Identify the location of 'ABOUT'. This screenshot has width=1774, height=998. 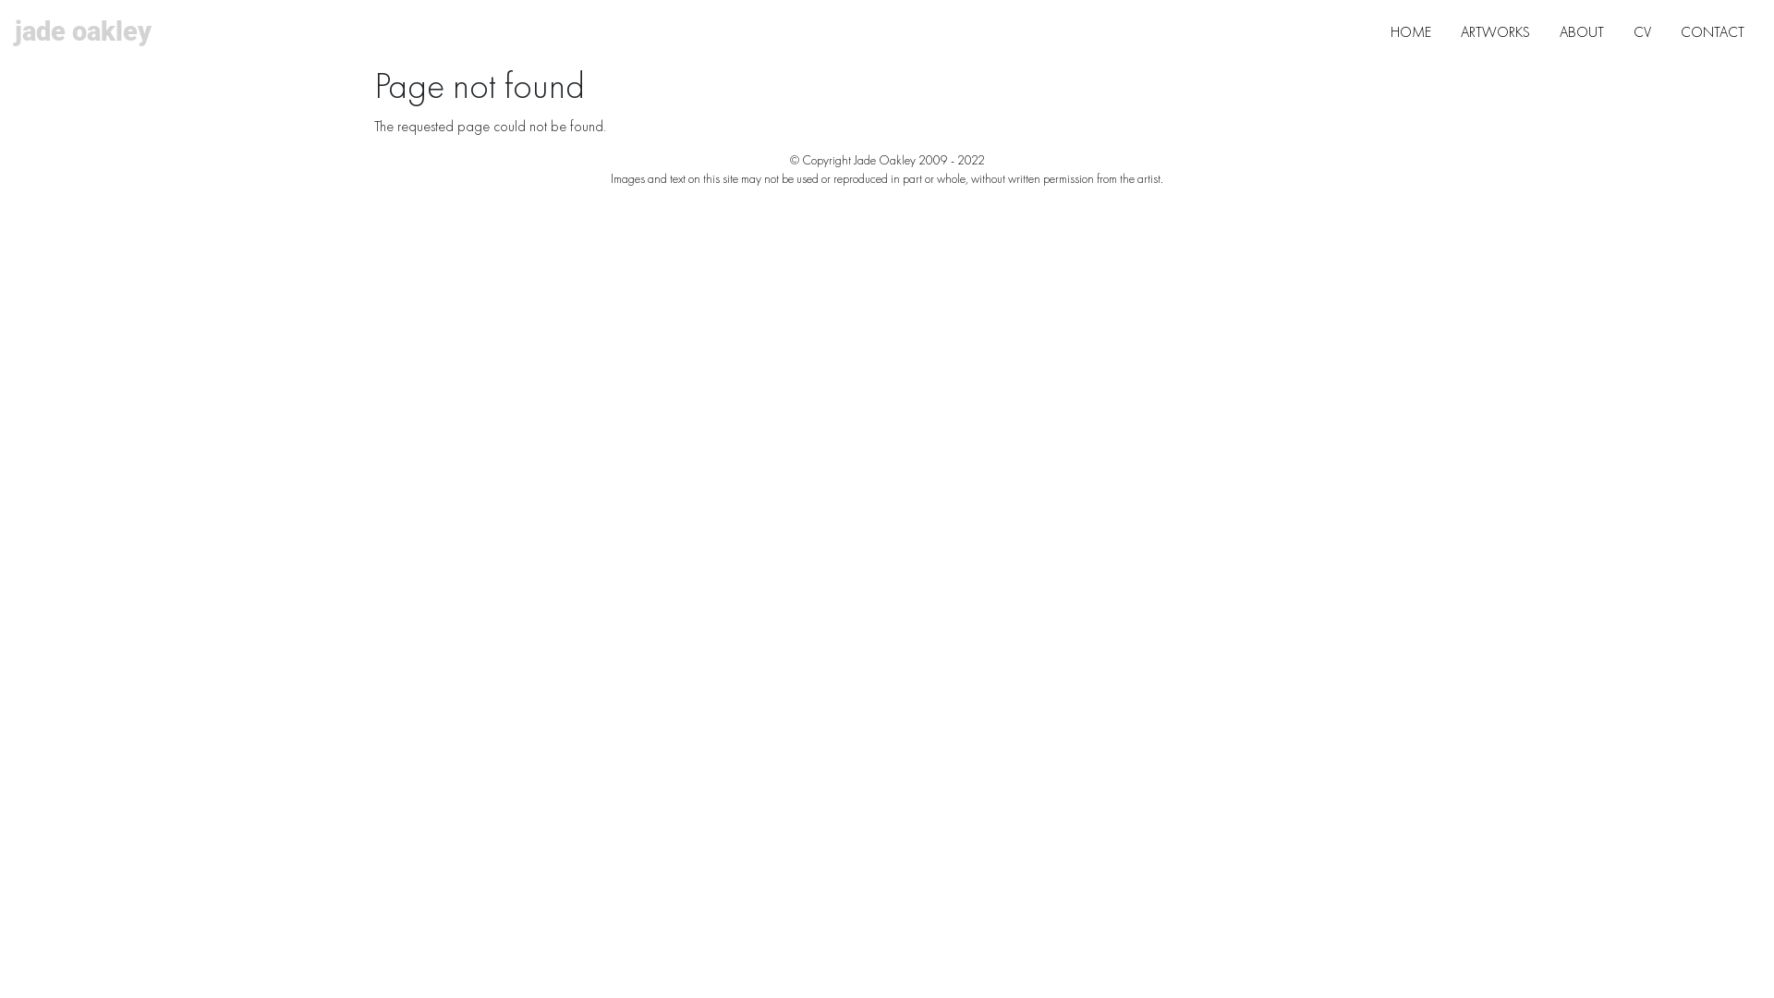
(1581, 31).